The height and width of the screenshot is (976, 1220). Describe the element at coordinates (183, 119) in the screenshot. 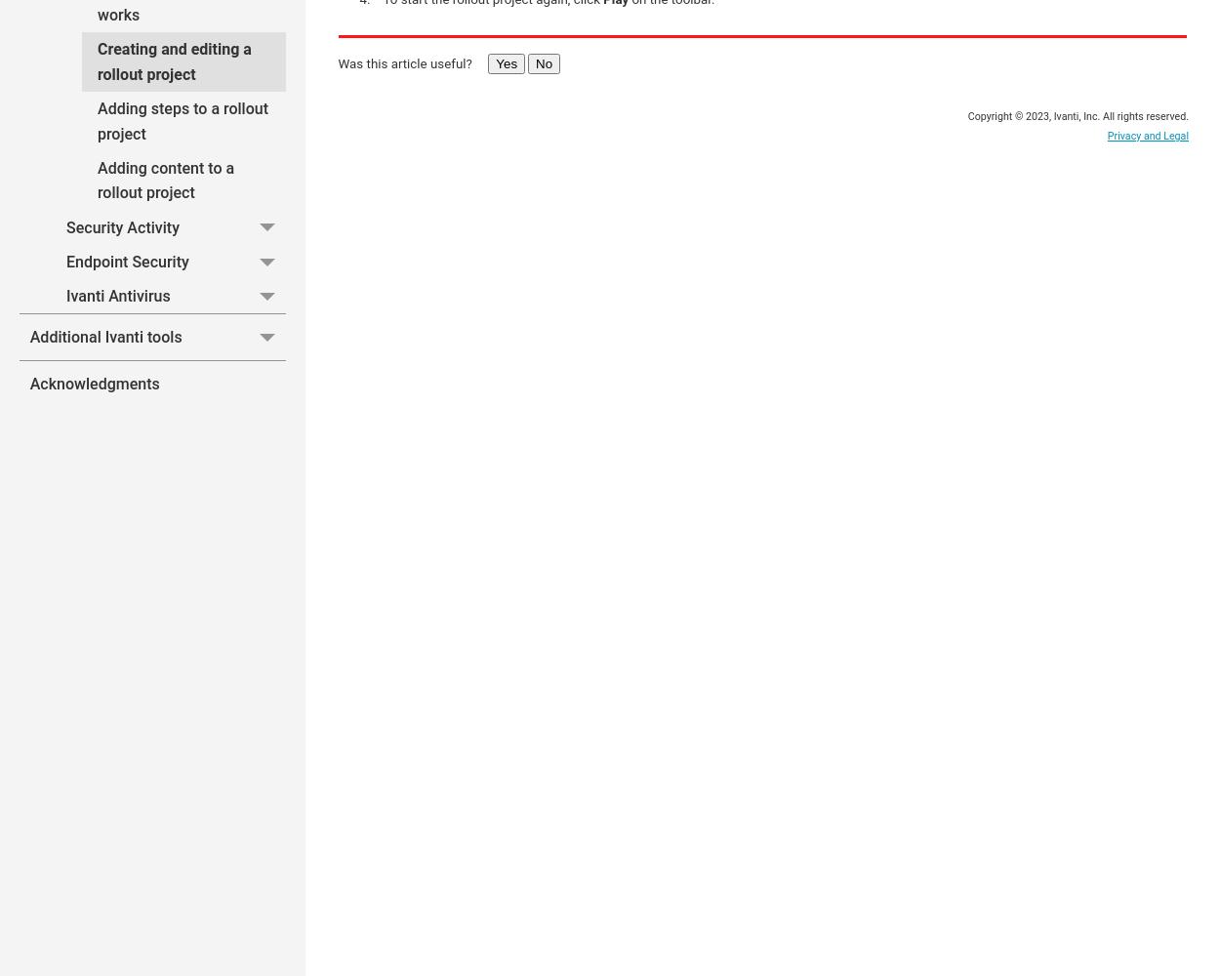

I see `'Adding steps to a rollout project'` at that location.